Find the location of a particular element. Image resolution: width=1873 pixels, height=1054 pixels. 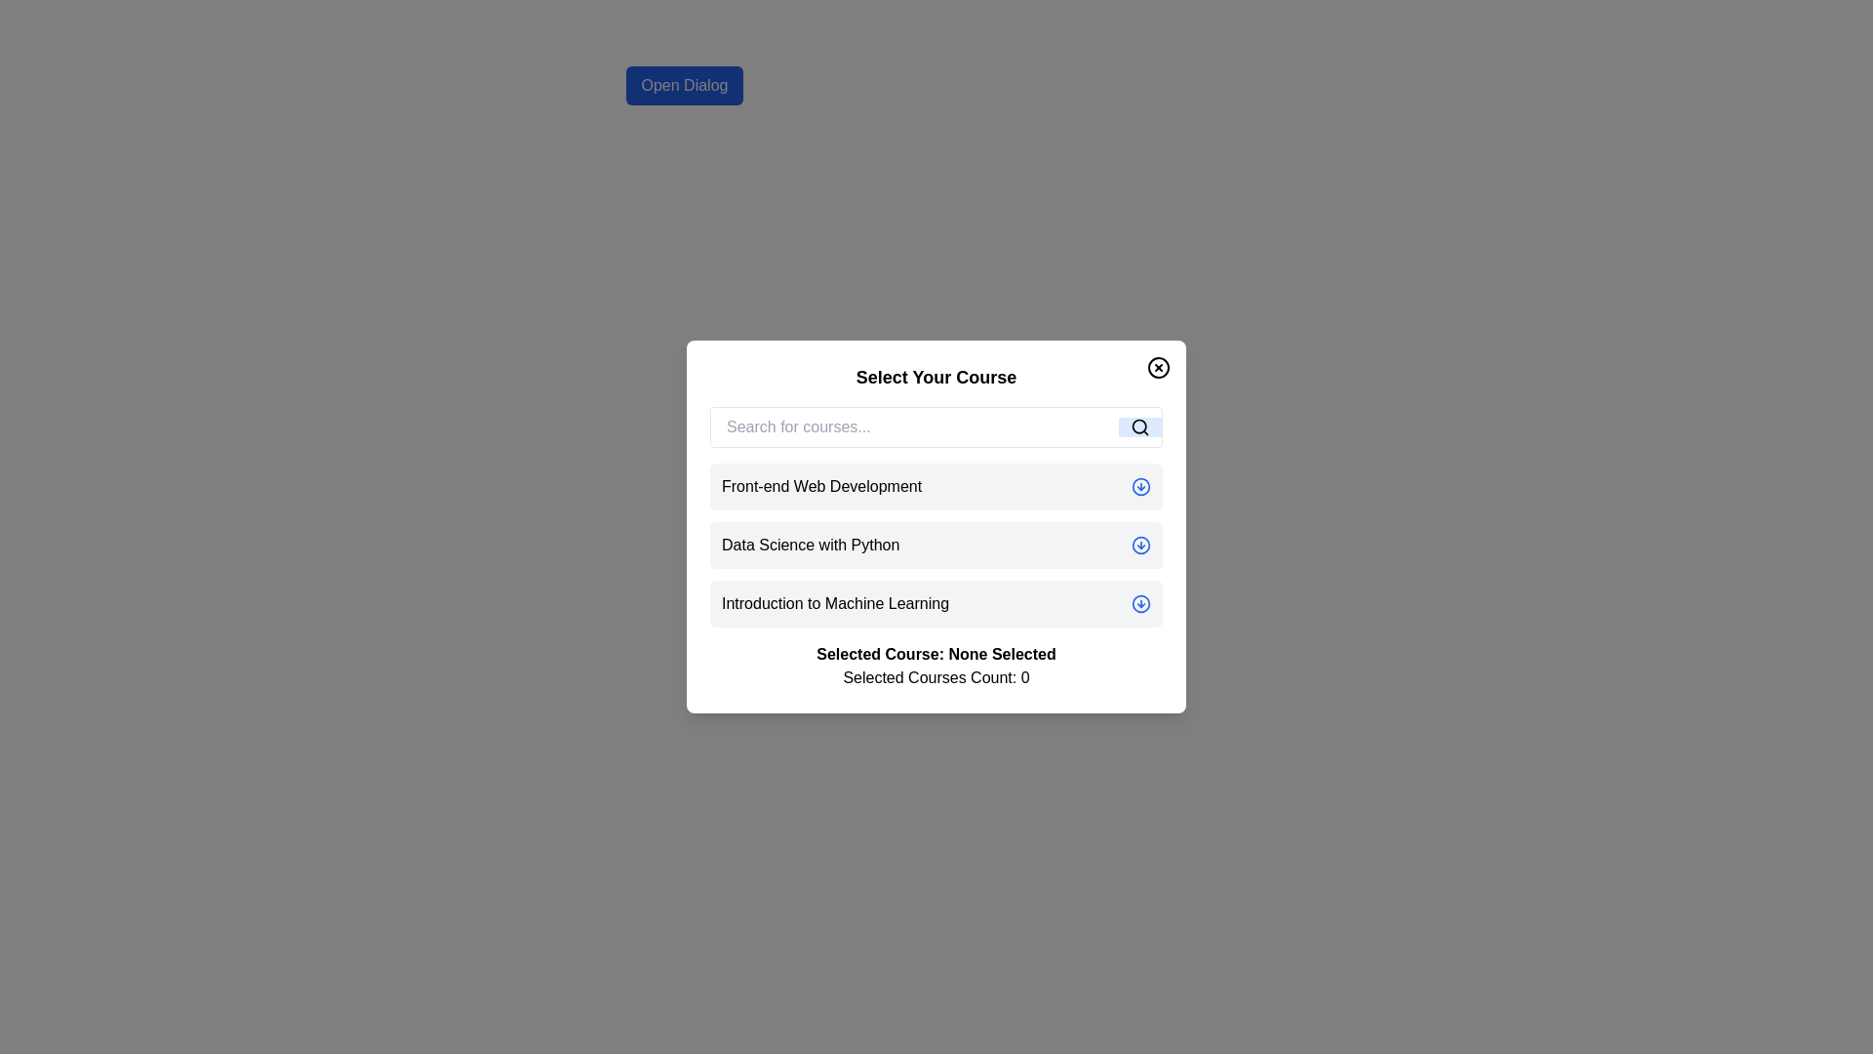

the second list item in the dialog box titled 'Select Your Course' is located at coordinates (936, 527).